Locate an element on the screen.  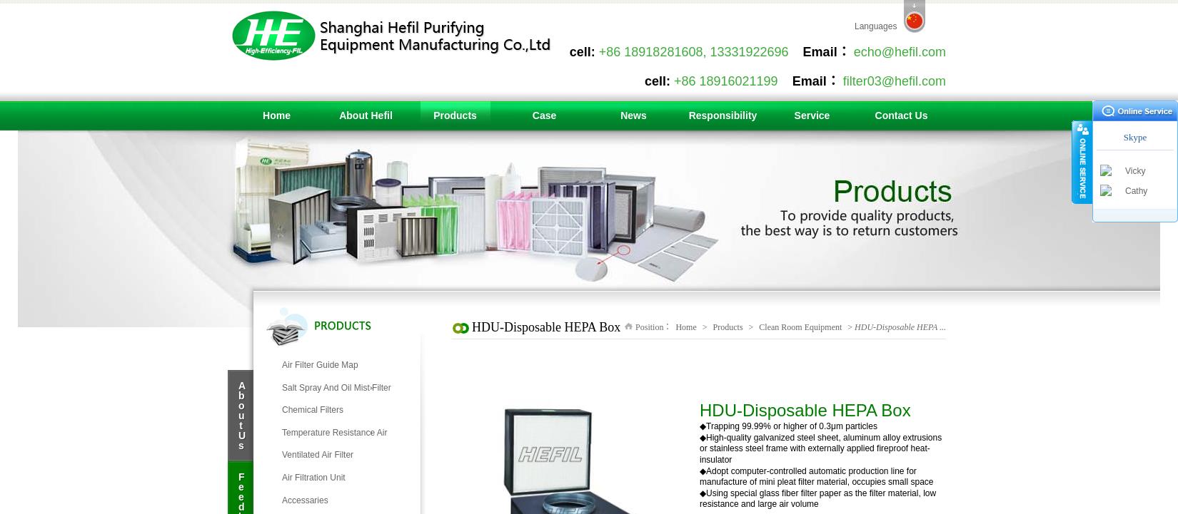
'Salt Spray And Oil Mist Filter' is located at coordinates (336, 386).